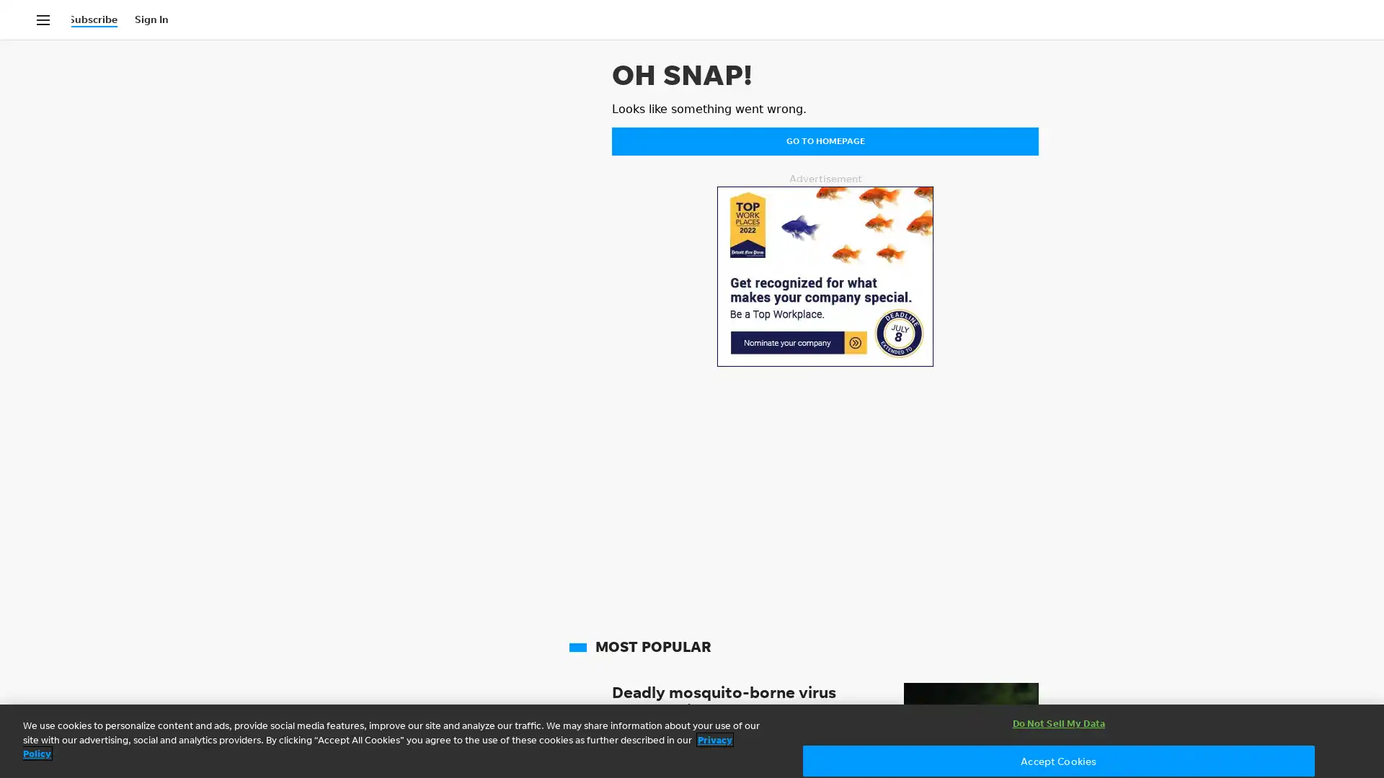 This screenshot has height=778, width=1384. What do you see at coordinates (1058, 723) in the screenshot?
I see `Do Not Sell My Data` at bounding box center [1058, 723].